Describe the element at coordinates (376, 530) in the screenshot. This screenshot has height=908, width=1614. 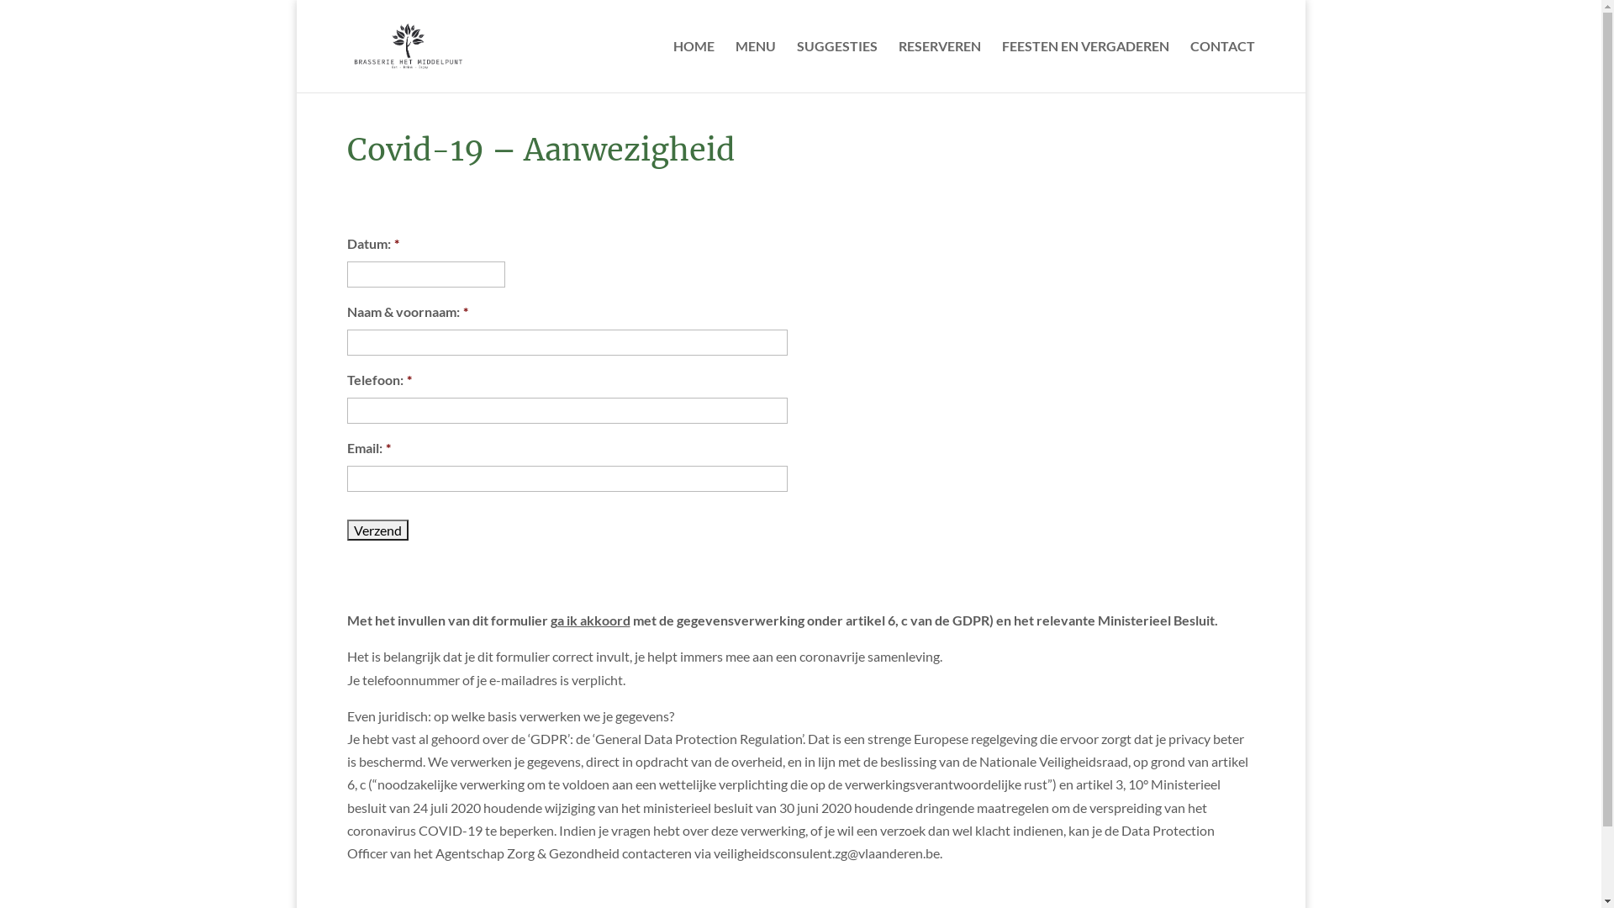
I see `'Verzend'` at that location.